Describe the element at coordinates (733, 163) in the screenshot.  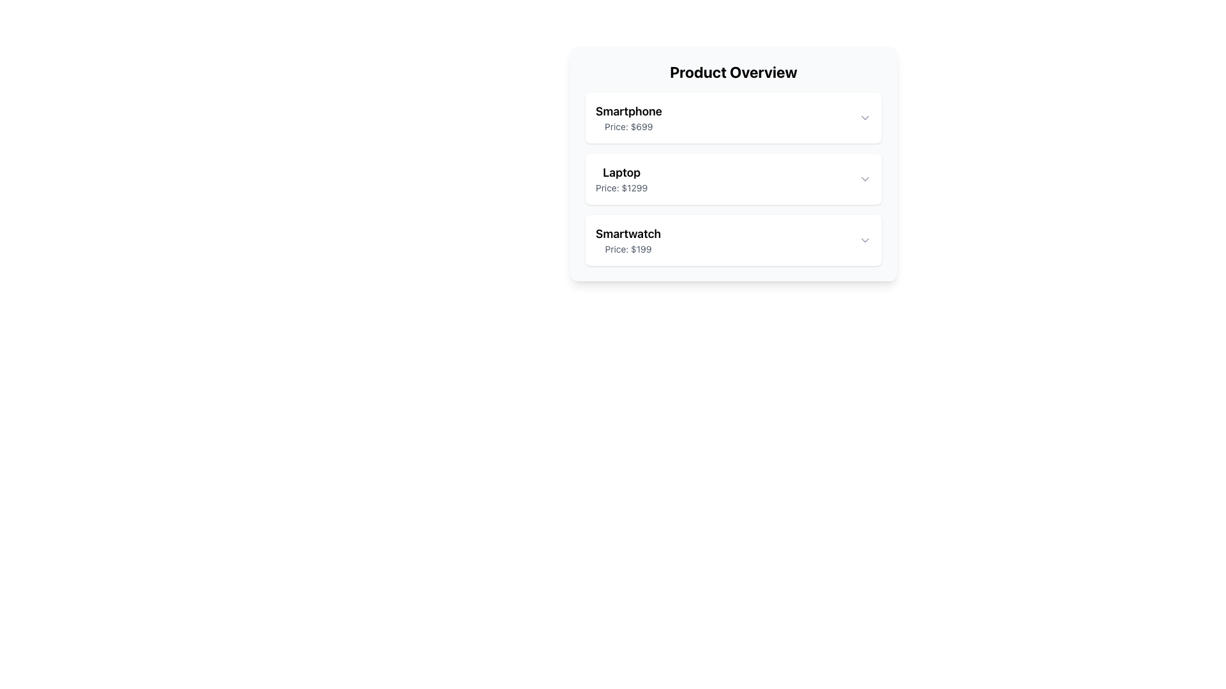
I see `the product card displaying 'Laptop' with price '$1299'` at that location.